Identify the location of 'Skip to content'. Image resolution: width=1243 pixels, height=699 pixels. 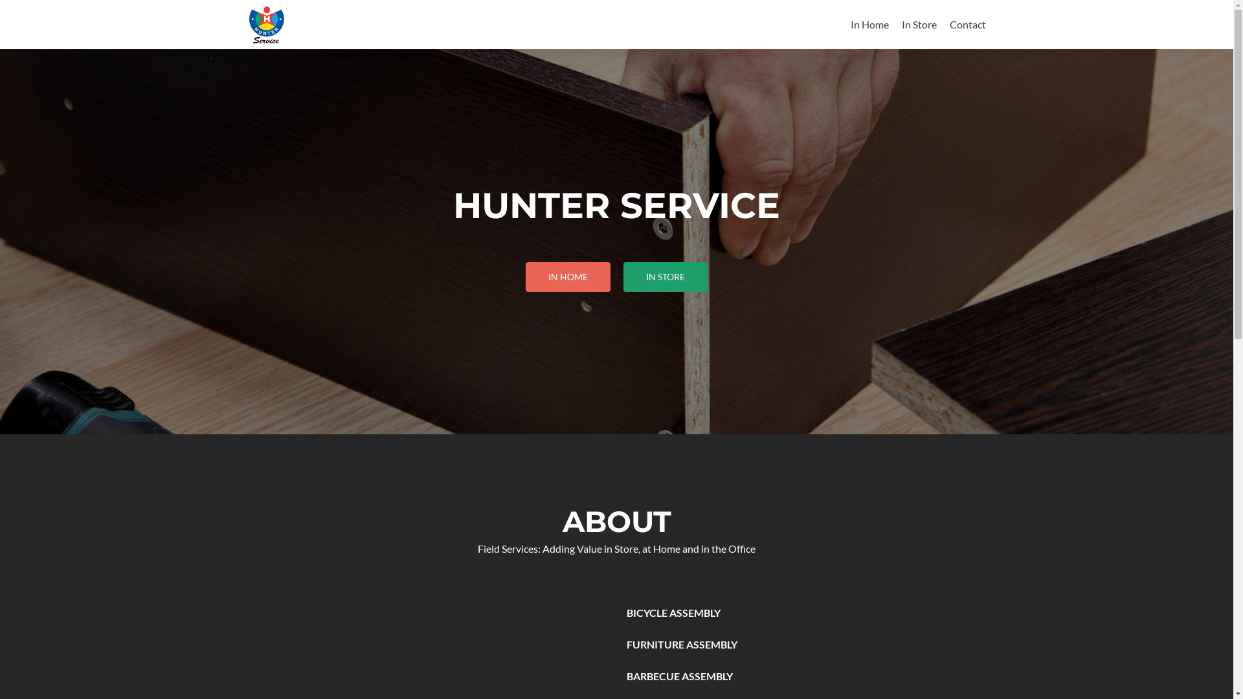
(884, 7).